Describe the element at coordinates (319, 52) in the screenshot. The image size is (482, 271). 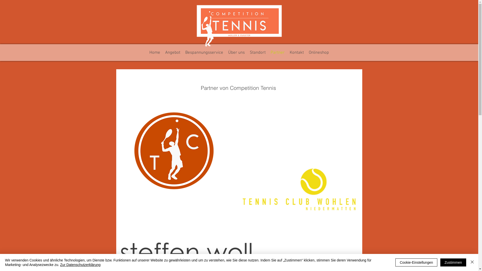
I see `'Onlineshop'` at that location.